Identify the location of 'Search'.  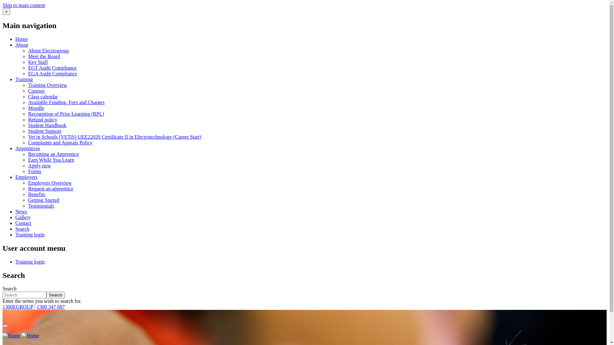
(22, 228).